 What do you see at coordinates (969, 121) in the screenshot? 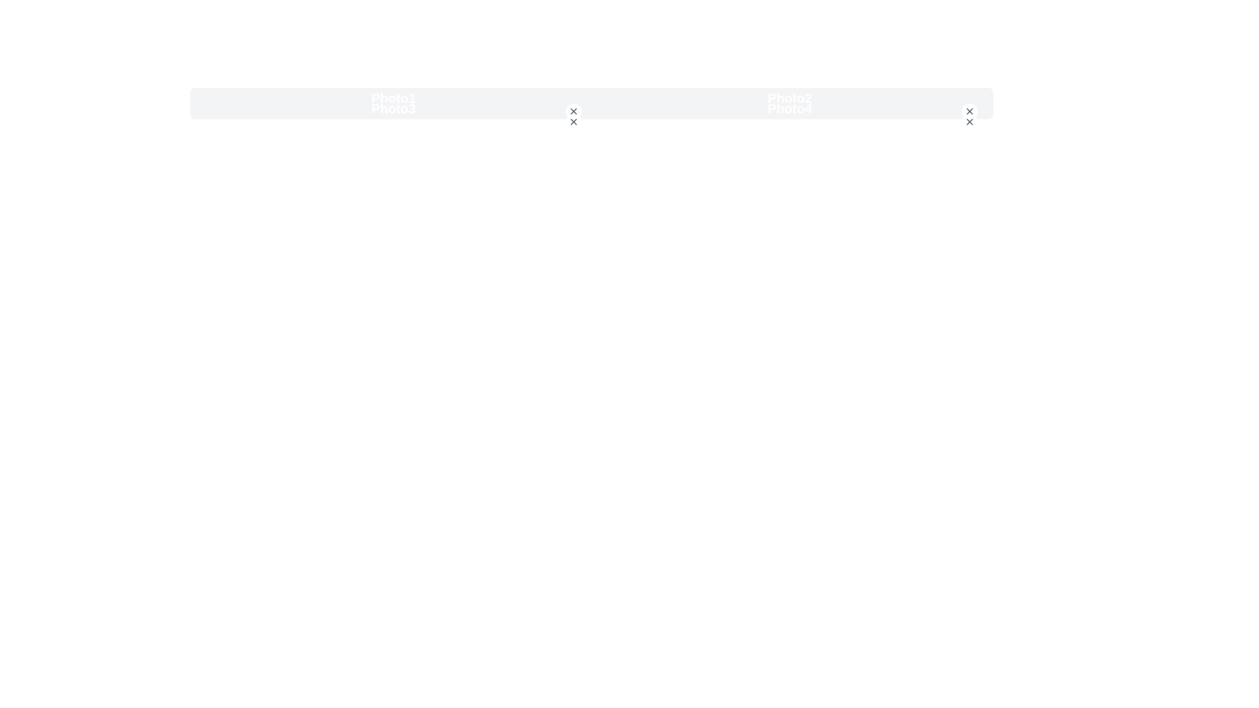
I see `the small 'X' icon used for close action in the top-right corner of the list item labeled 'Photo2 Photo4'` at bounding box center [969, 121].